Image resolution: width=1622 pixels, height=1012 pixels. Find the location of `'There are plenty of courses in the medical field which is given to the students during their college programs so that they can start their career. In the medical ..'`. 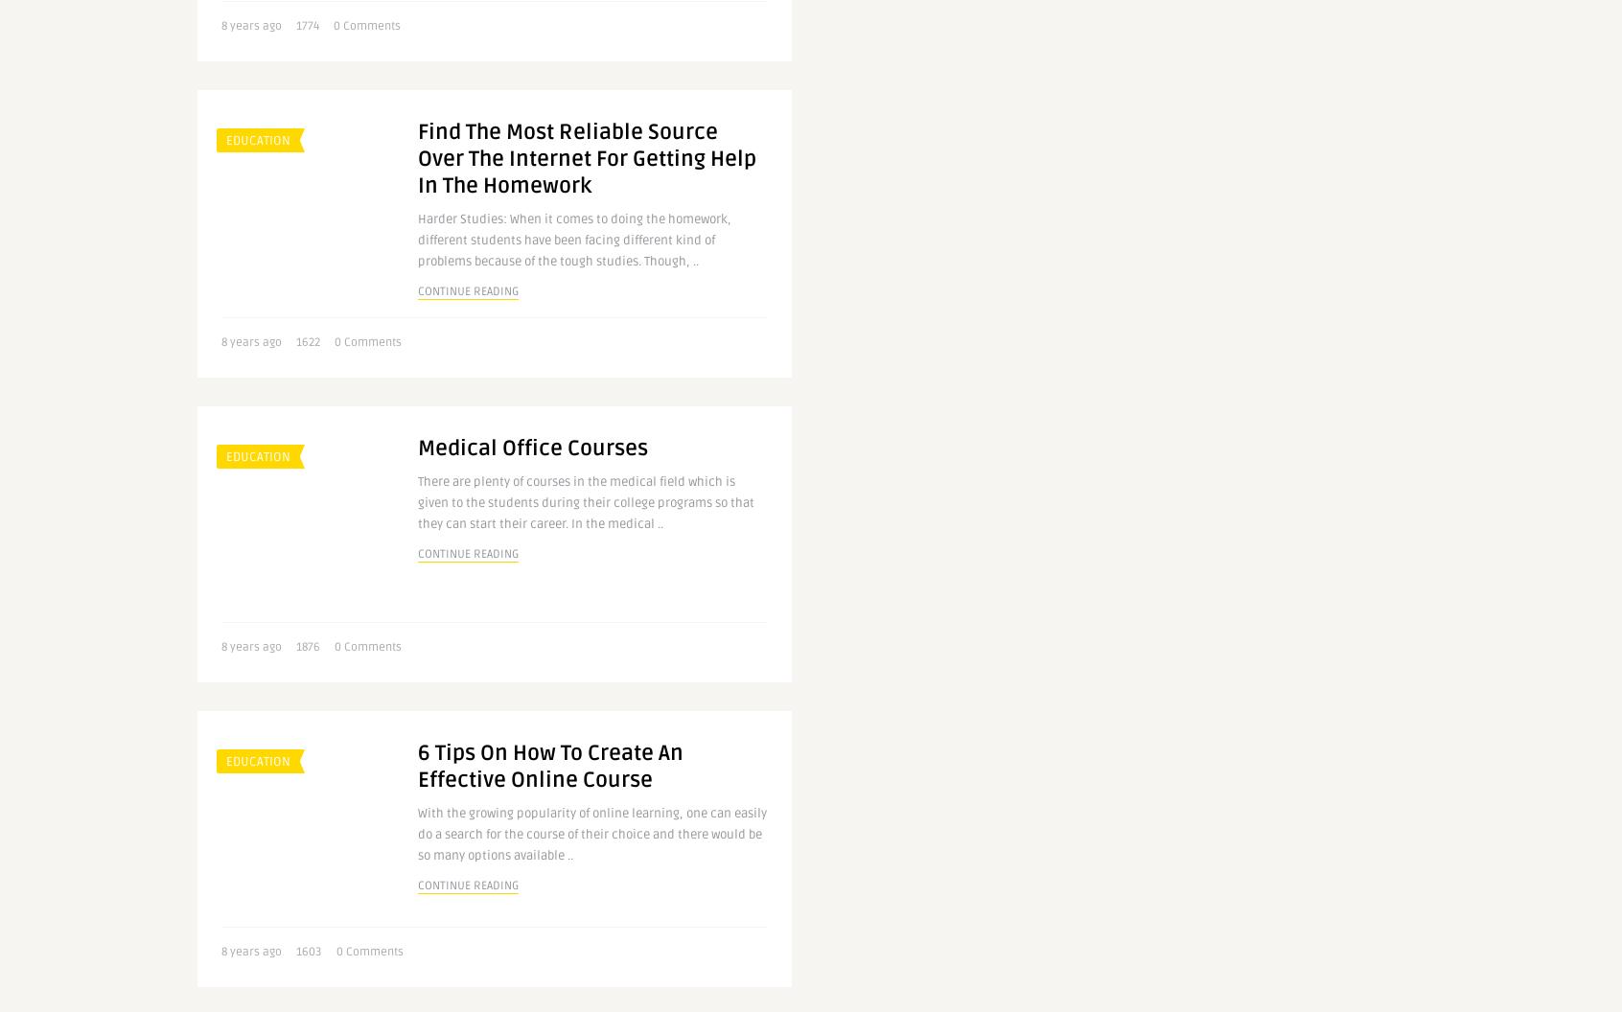

'There are plenty of courses in the medical field which is given to the students during their college programs so that they can start their career. In the medical ..' is located at coordinates (585, 502).